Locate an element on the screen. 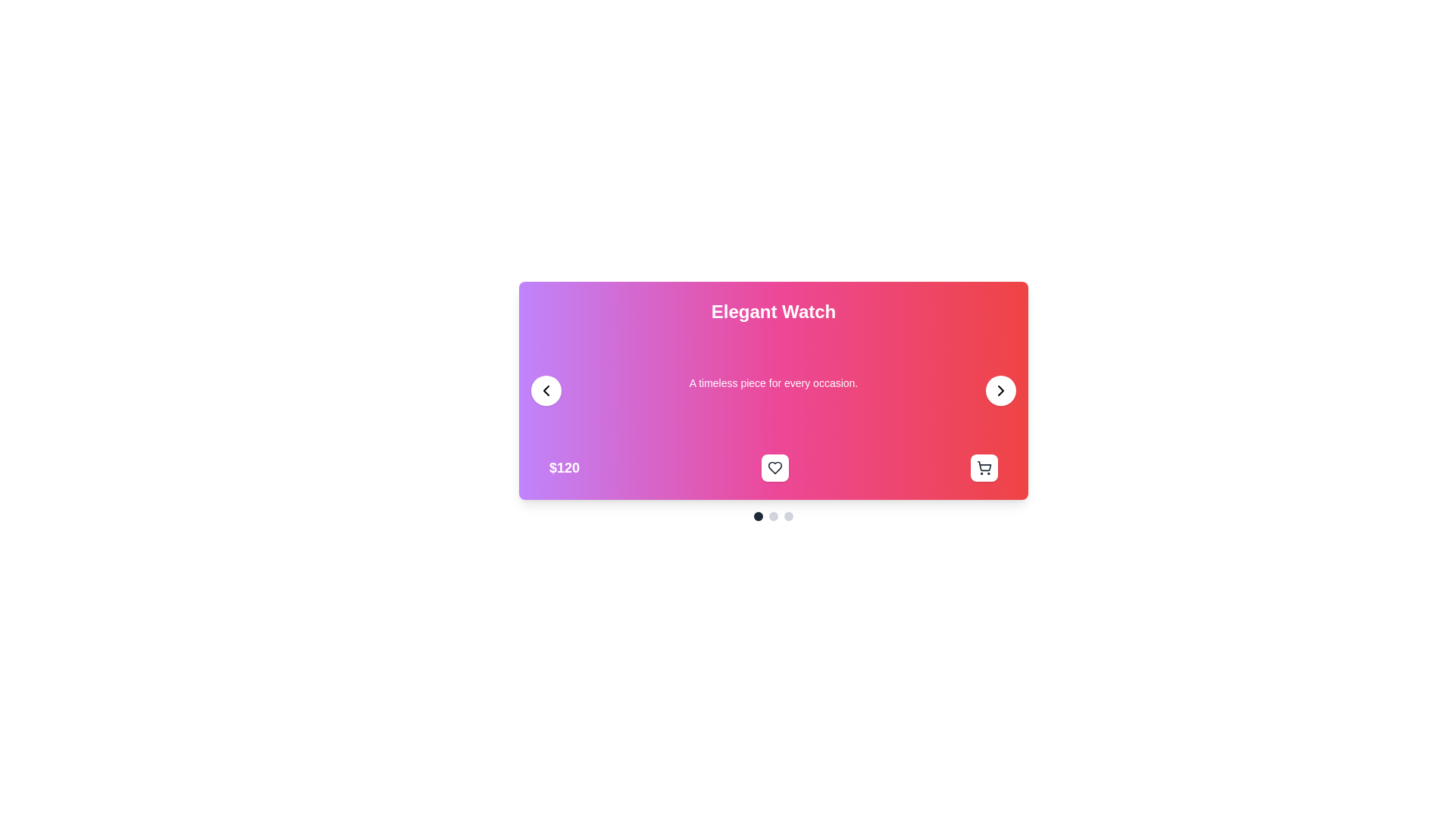 Image resolution: width=1455 pixels, height=818 pixels. the circular button with a white background and a right-facing chevron icon in black is located at coordinates (1000, 390).